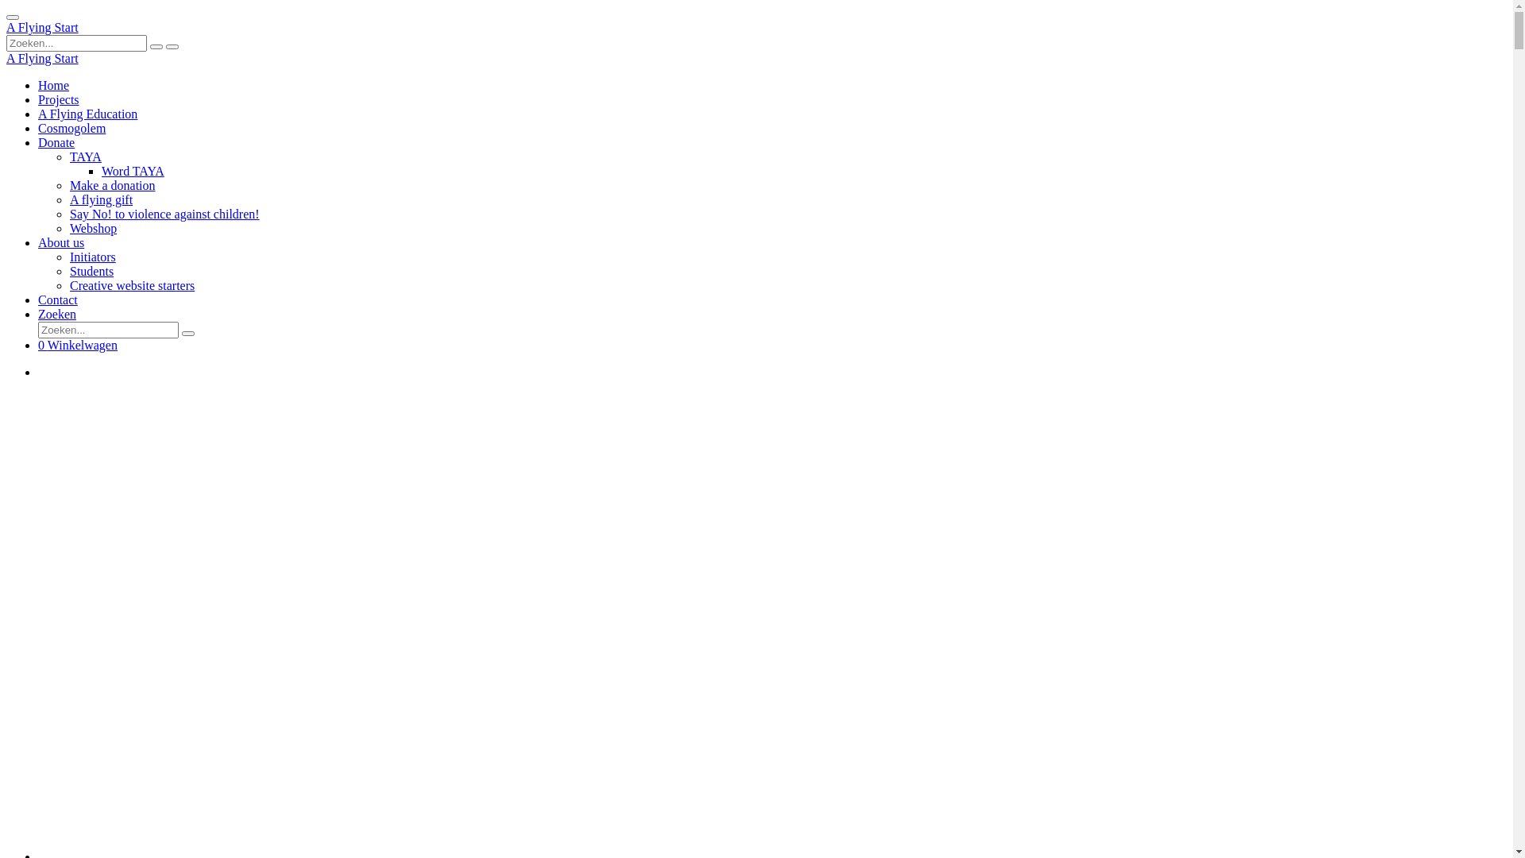  Describe the element at coordinates (112, 184) in the screenshot. I see `'Make a donation'` at that location.